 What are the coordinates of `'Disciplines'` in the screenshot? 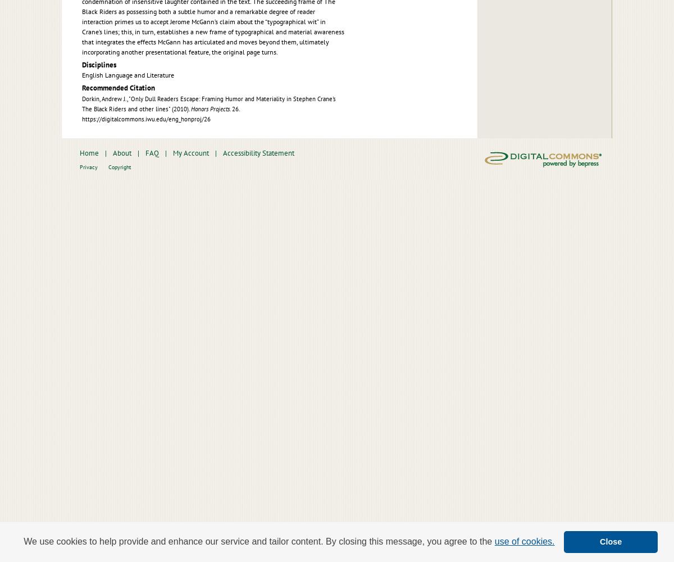 It's located at (98, 64).